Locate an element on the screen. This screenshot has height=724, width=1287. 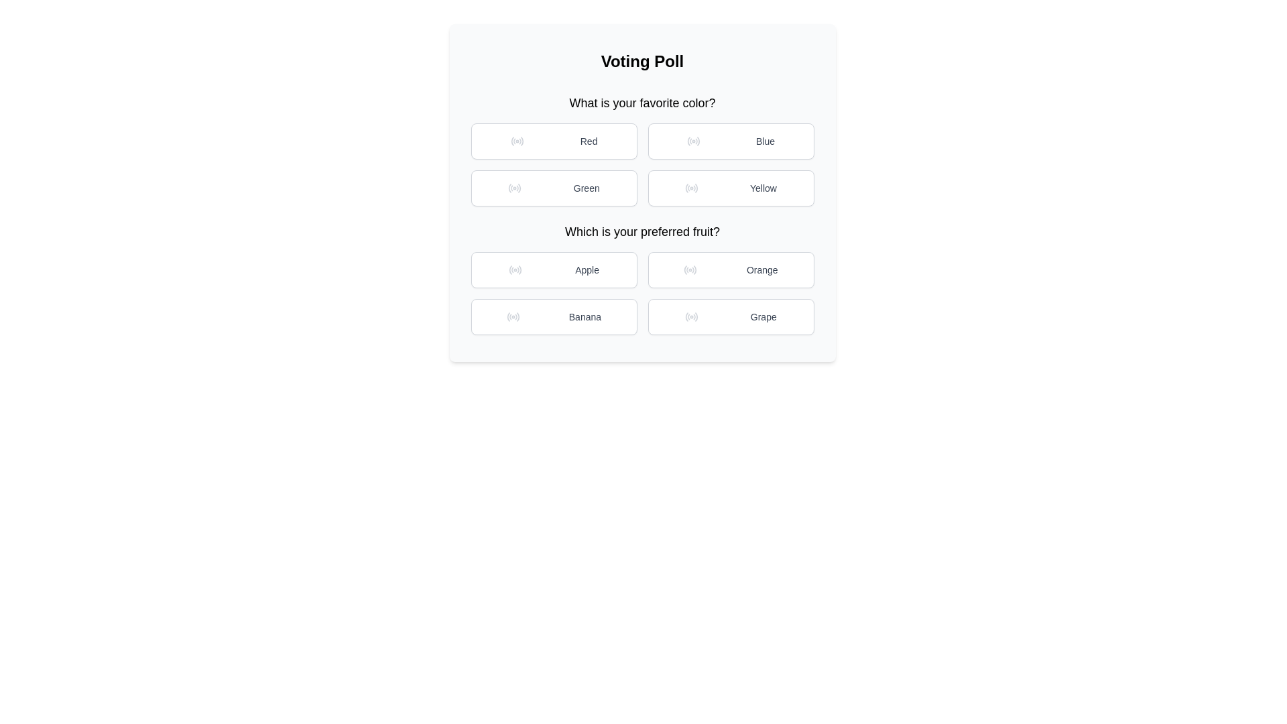
the radio button indicator resembling a circular outline with a filled dot, located in the right column of the first row under the question 'What is your favorite color?' labeled 'Blue' is located at coordinates (694, 141).